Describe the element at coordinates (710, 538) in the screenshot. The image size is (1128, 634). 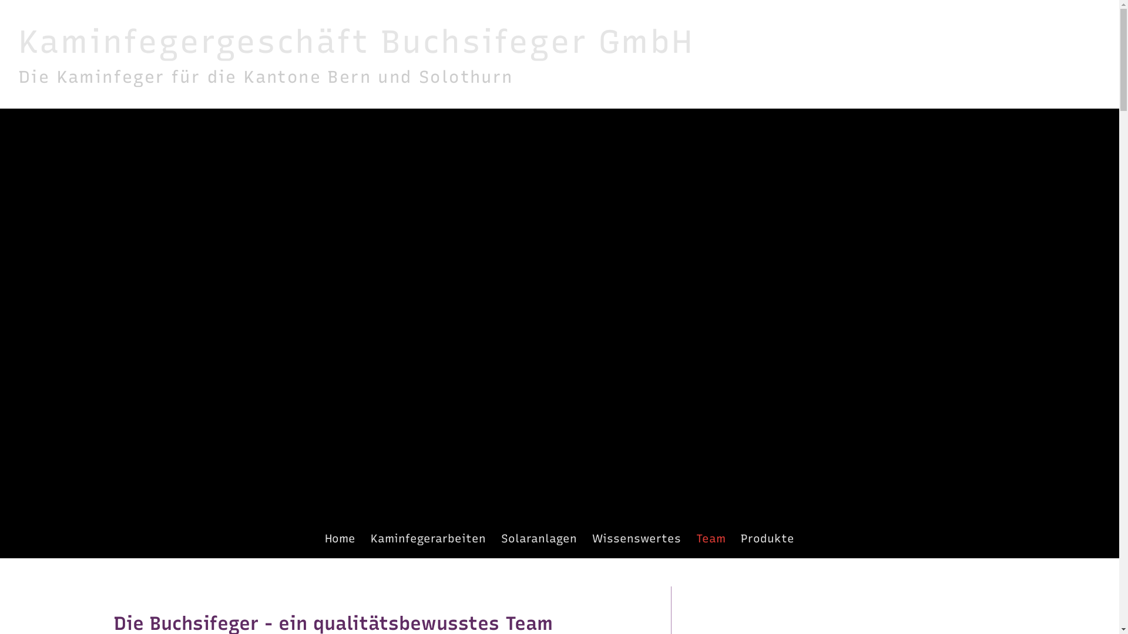
I see `'Team'` at that location.